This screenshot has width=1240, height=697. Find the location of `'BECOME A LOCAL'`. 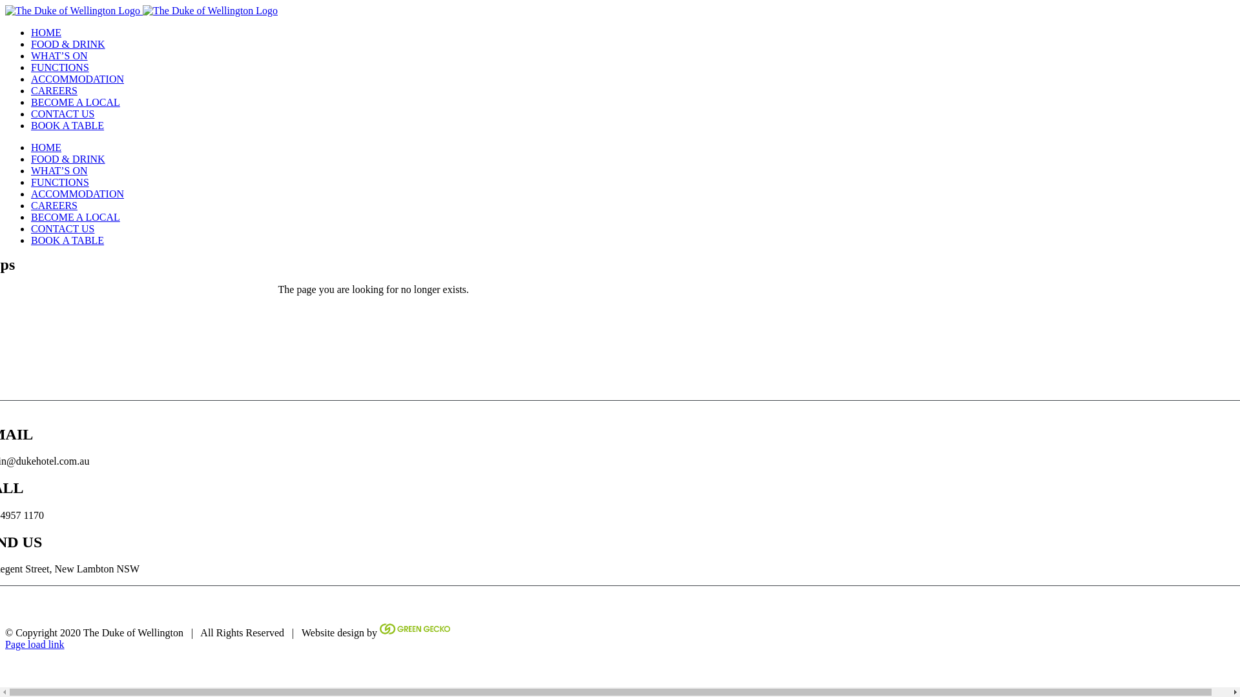

'BECOME A LOCAL' is located at coordinates (31, 216).